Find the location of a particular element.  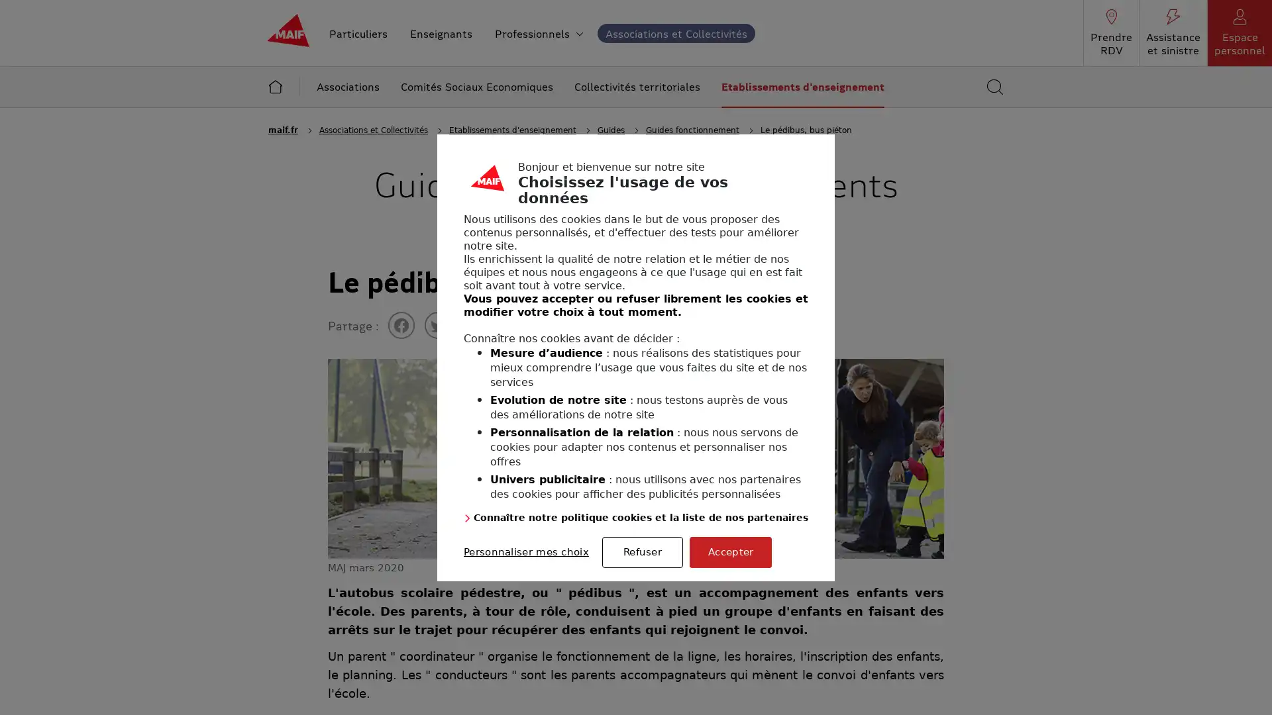

Accepter is located at coordinates (730, 551).